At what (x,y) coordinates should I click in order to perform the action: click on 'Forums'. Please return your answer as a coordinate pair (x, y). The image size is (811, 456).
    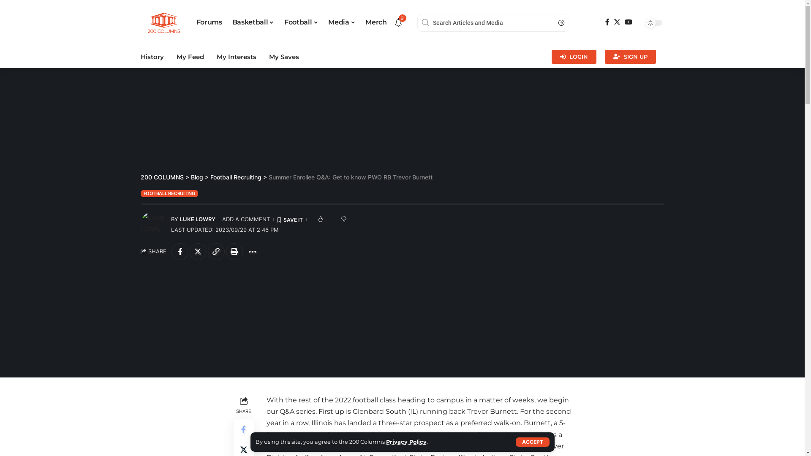
    Looking at the image, I should click on (209, 22).